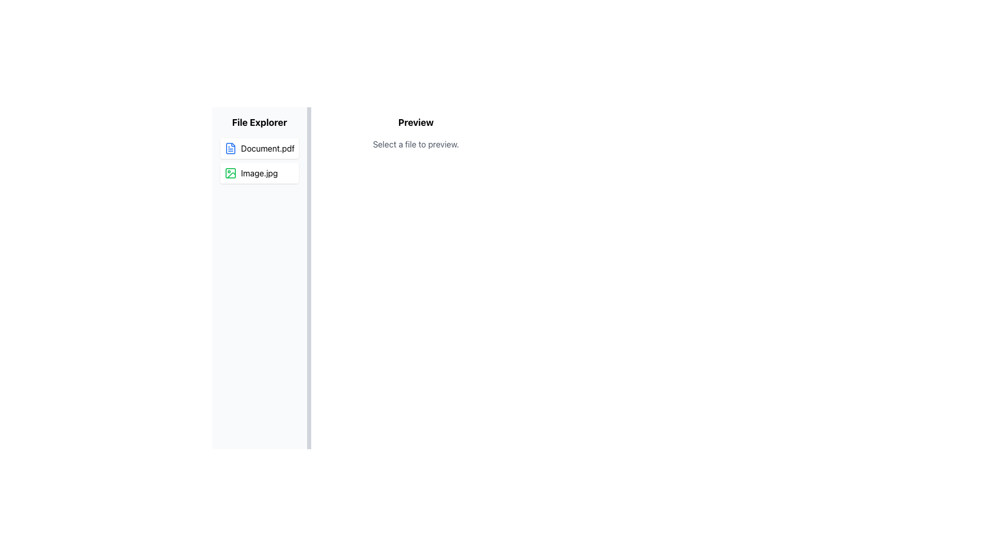 Image resolution: width=991 pixels, height=557 pixels. I want to click on the file entry named 'Image.jpg' in the file explorer, so click(260, 172).